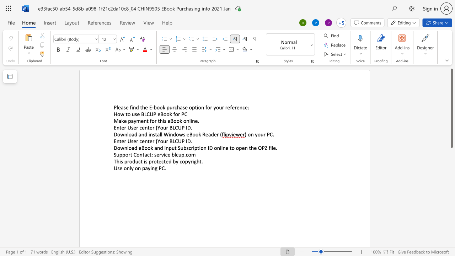 Image resolution: width=455 pixels, height=256 pixels. What do you see at coordinates (451, 108) in the screenshot?
I see `the scrollbar and move down 580 pixels` at bounding box center [451, 108].